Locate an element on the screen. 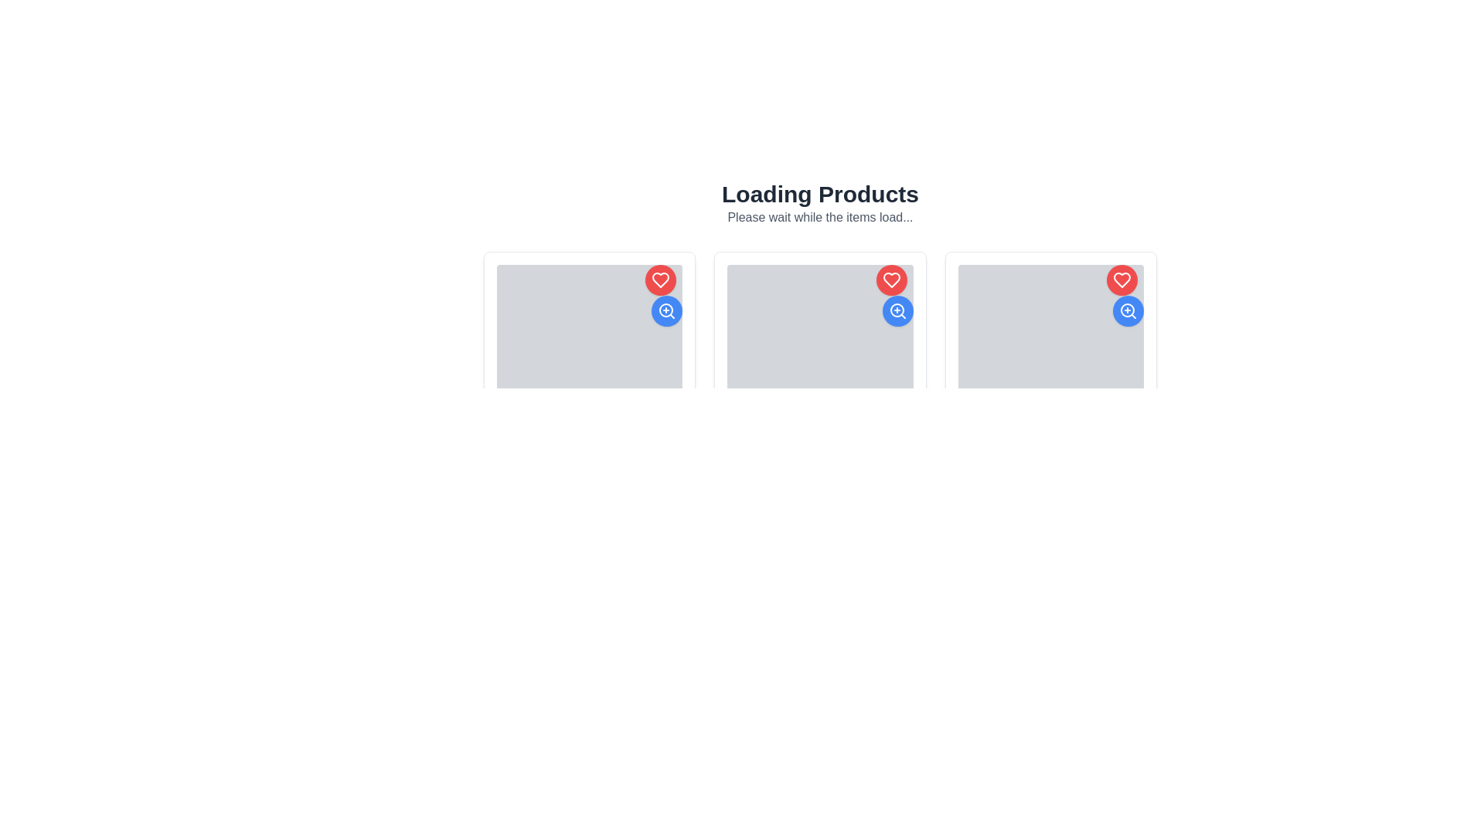 The width and height of the screenshot is (1484, 834). the text block displaying 'Loading Products', which is prominently designed in a bold and large font, centrally aligned at the top of the interface is located at coordinates (819, 193).